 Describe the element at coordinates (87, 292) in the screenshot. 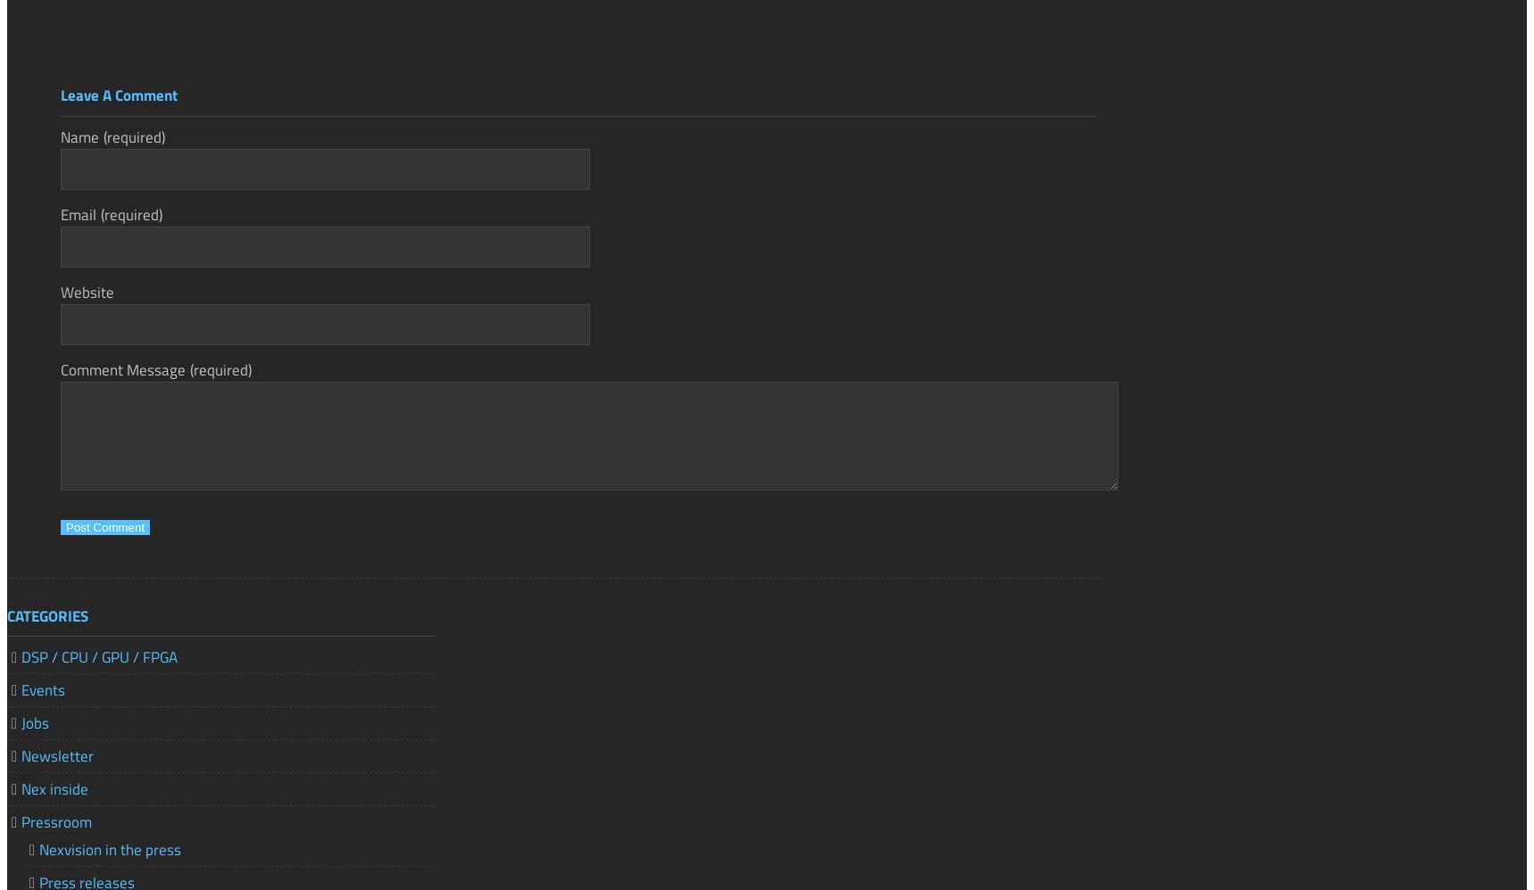

I see `'Website'` at that location.